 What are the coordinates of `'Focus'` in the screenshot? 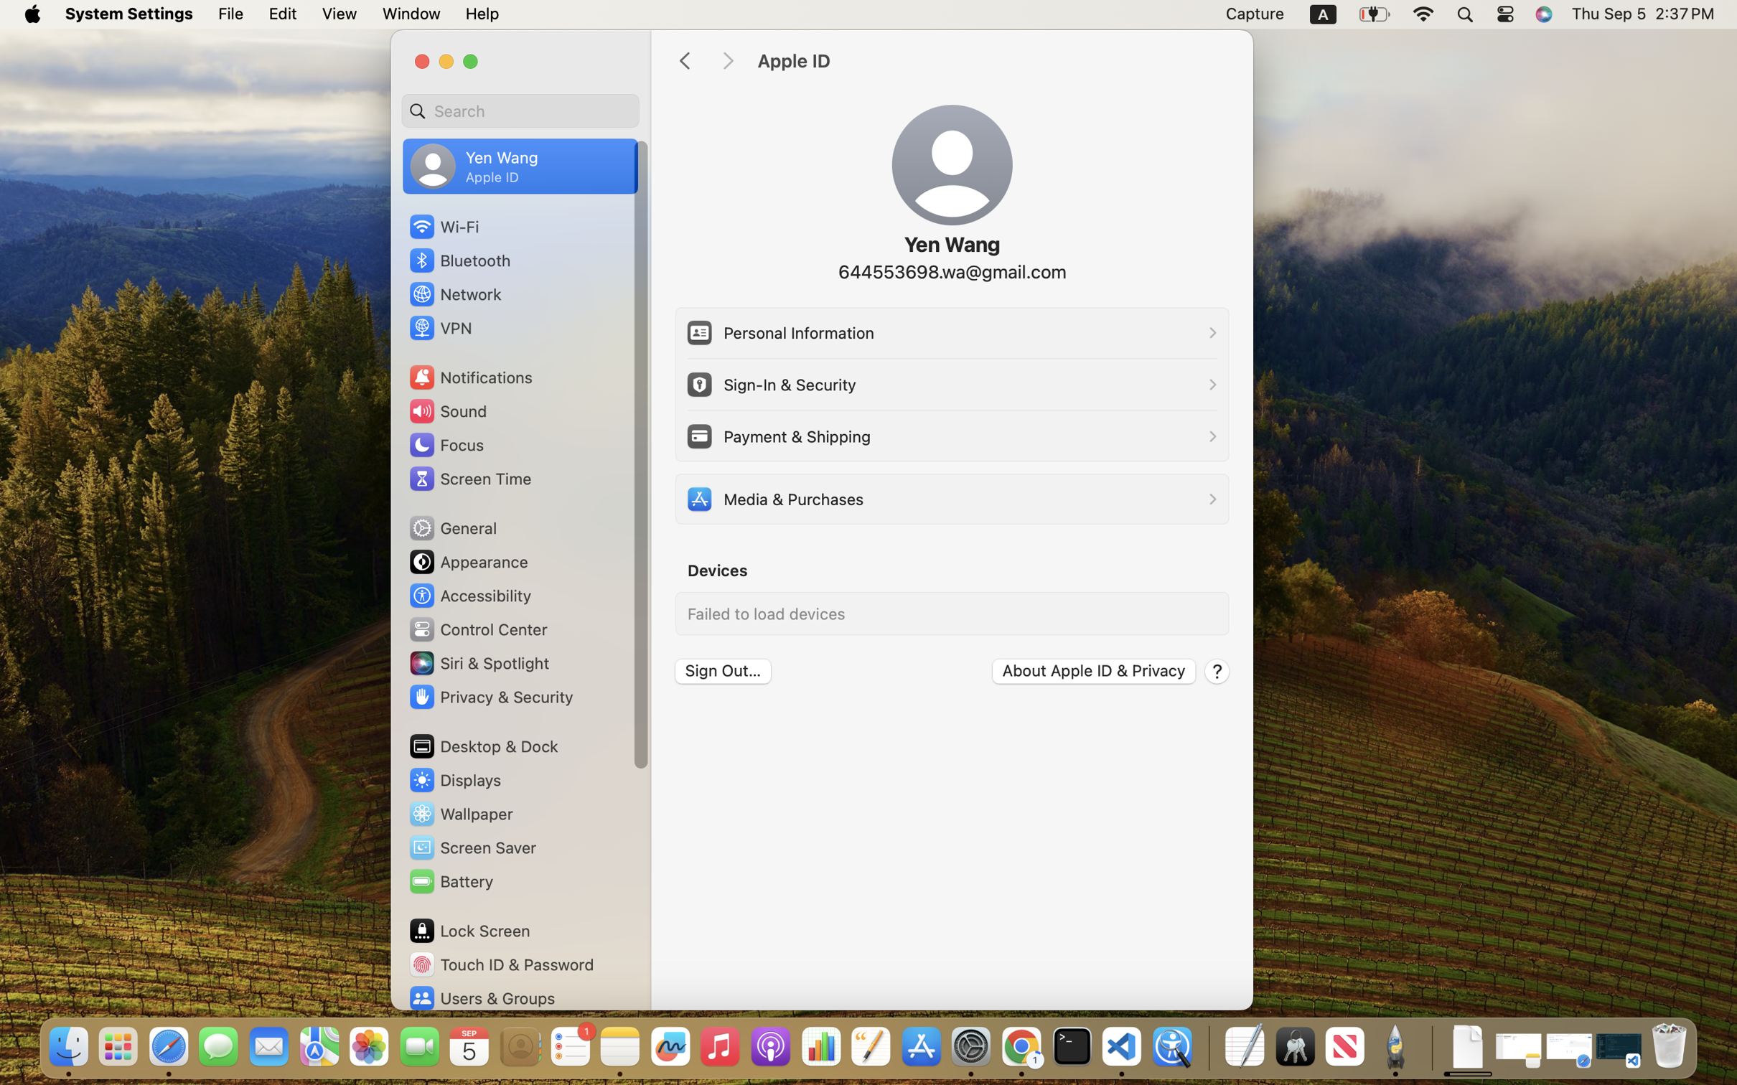 It's located at (446, 444).